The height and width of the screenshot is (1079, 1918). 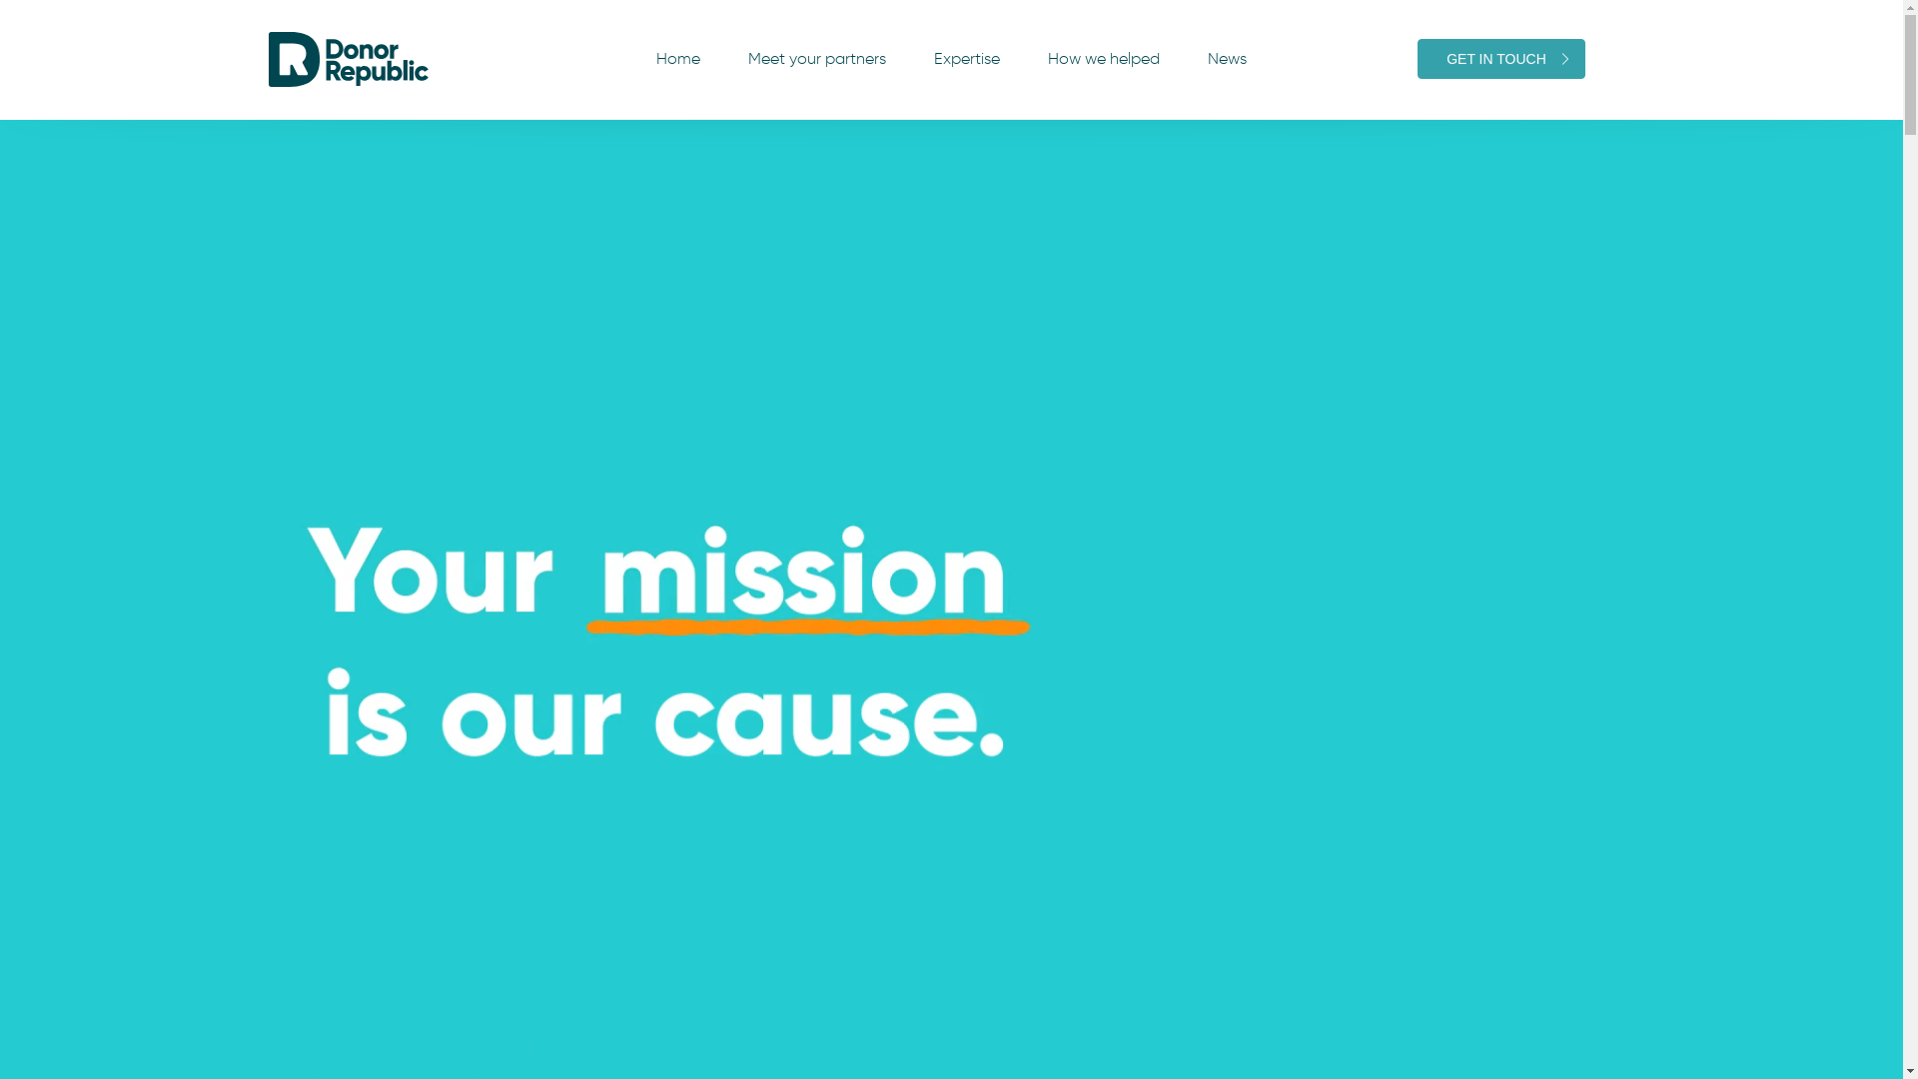 What do you see at coordinates (1226, 57) in the screenshot?
I see `'News'` at bounding box center [1226, 57].